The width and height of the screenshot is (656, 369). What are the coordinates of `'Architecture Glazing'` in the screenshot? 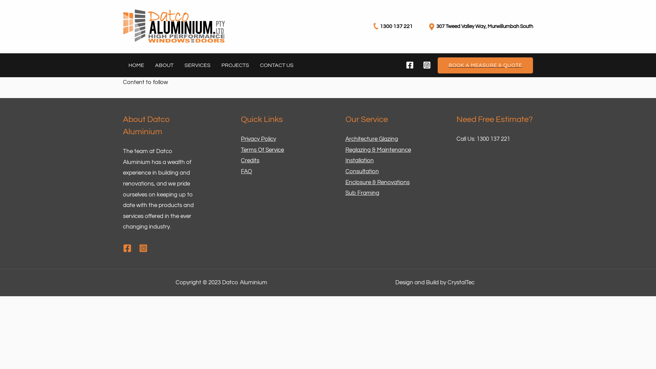 It's located at (371, 139).